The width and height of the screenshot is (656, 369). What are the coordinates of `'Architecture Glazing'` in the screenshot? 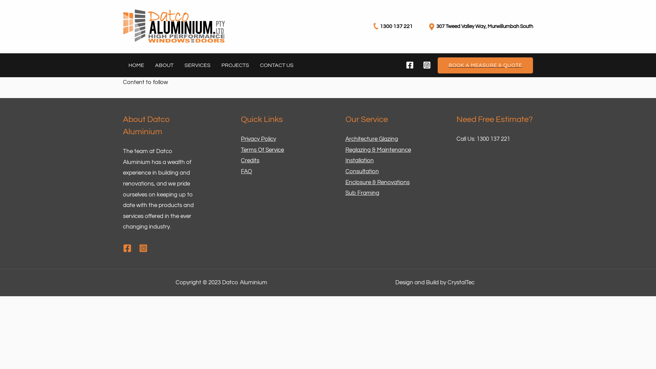 It's located at (371, 139).